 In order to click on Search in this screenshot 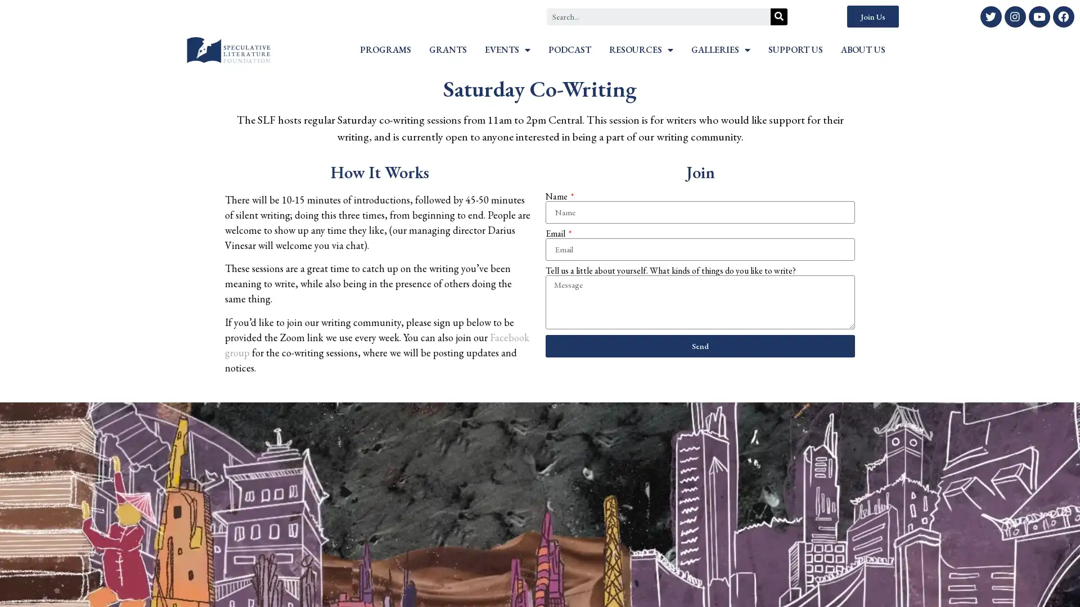, I will do `click(778, 16)`.